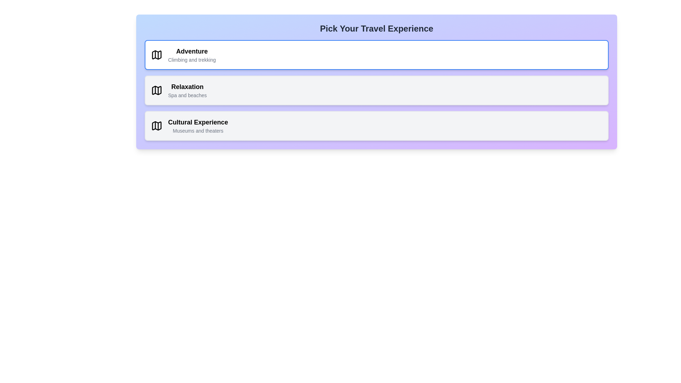  I want to click on the text label that reads 'Climbing and trekking', styled in a smaller gray font, located directly below the header 'Adventure' in the styled content box, so click(192, 60).